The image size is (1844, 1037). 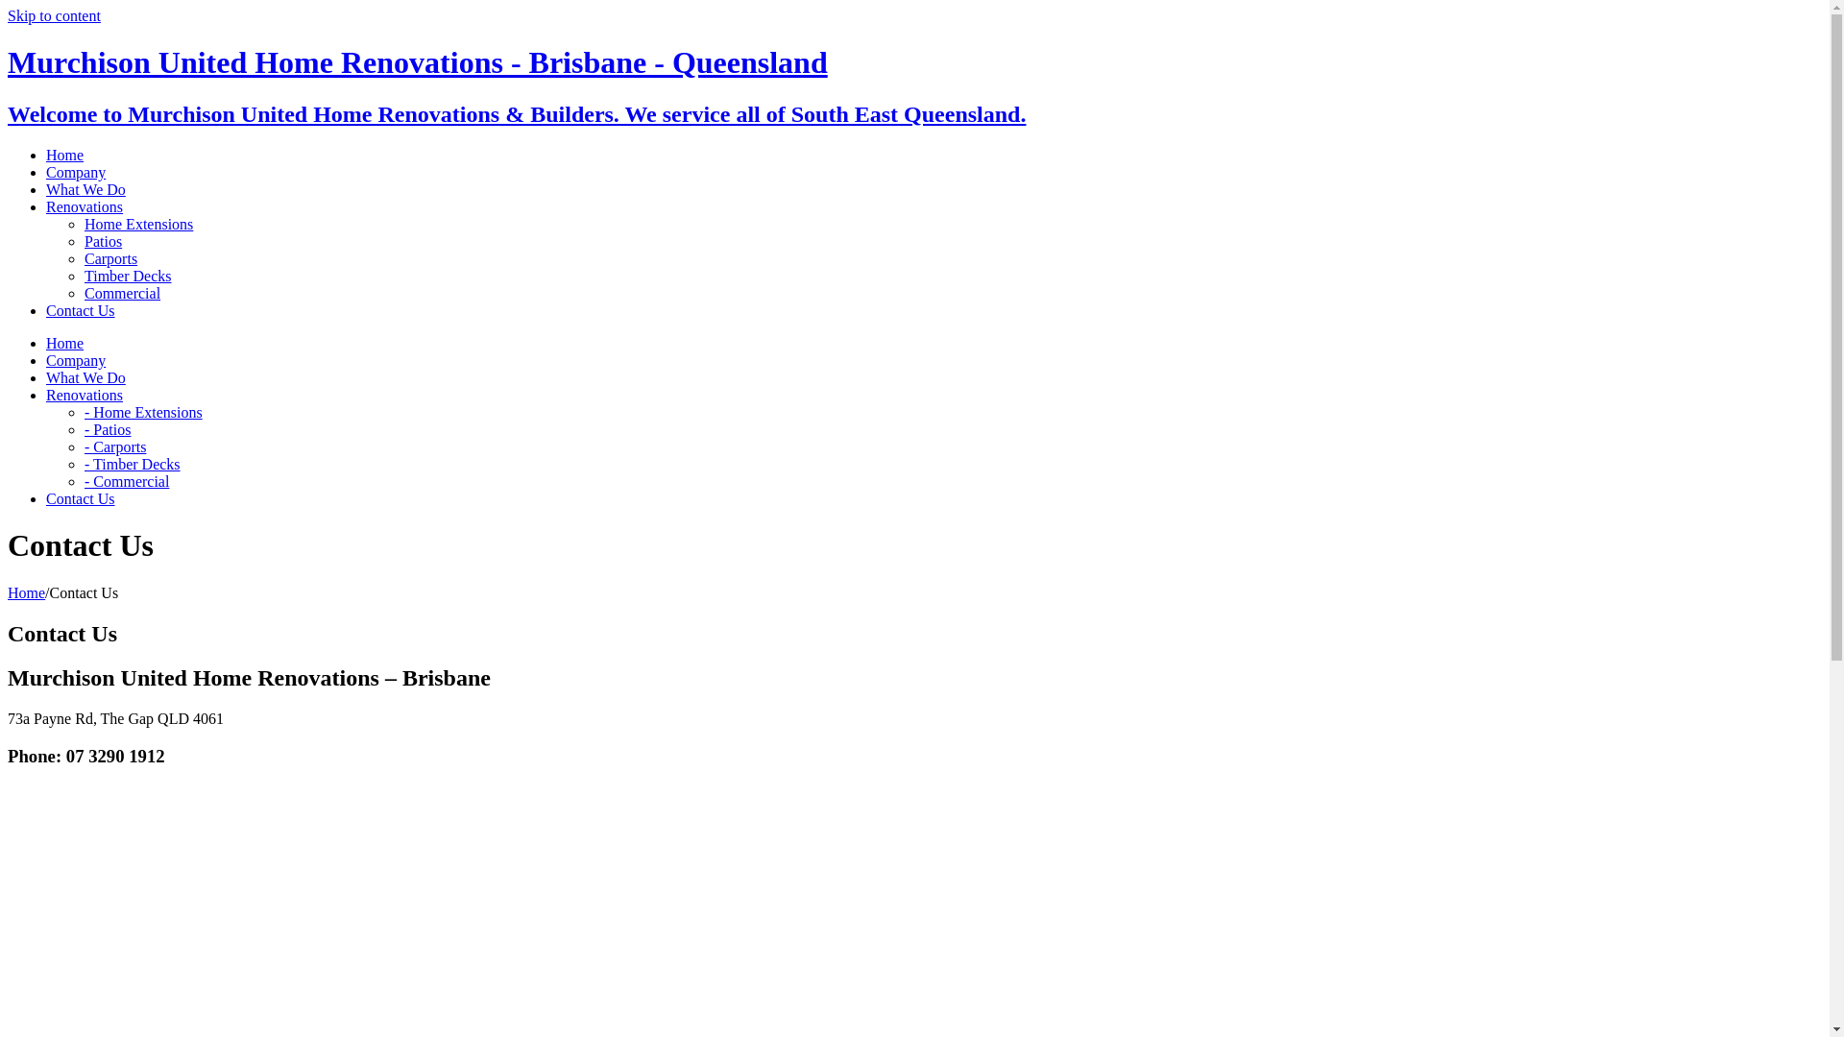 I want to click on '- Home Extensions', so click(x=142, y=411).